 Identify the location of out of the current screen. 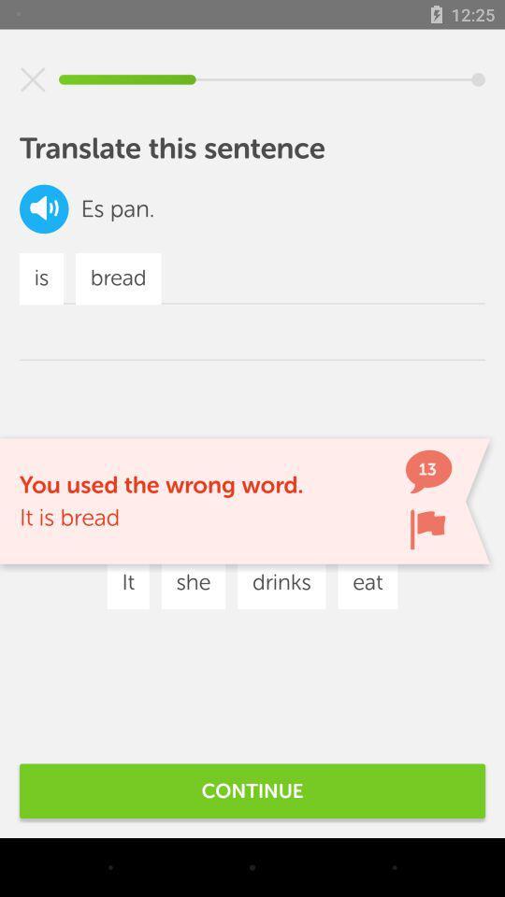
(33, 79).